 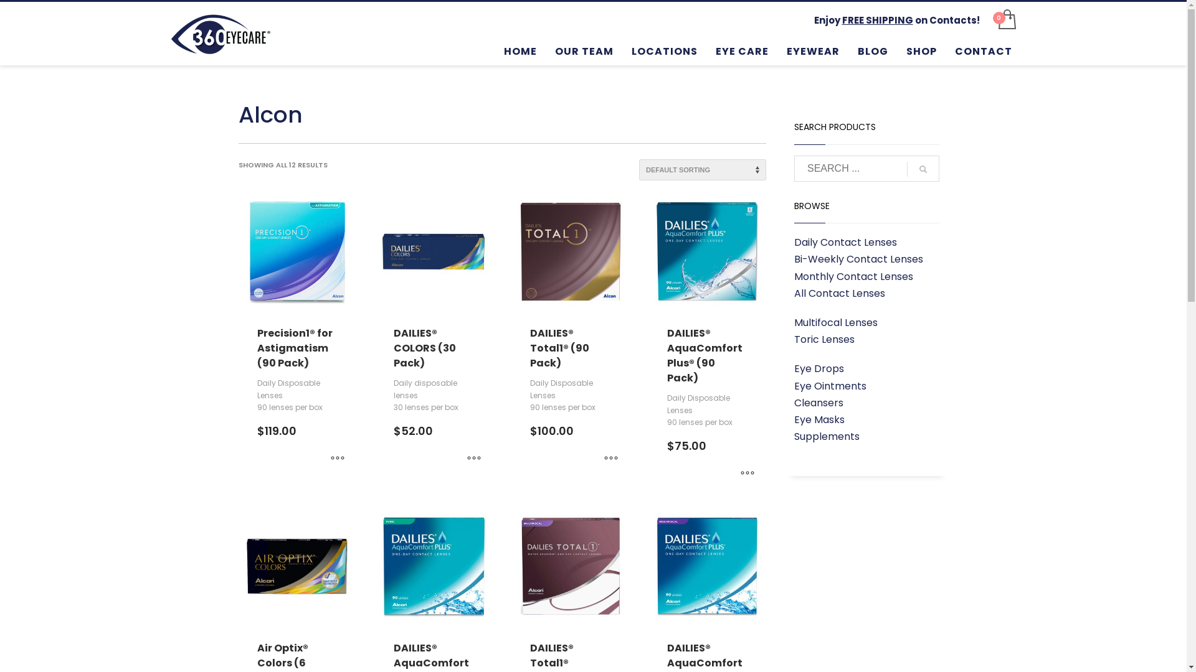 I want to click on 'go', so click(x=923, y=169).